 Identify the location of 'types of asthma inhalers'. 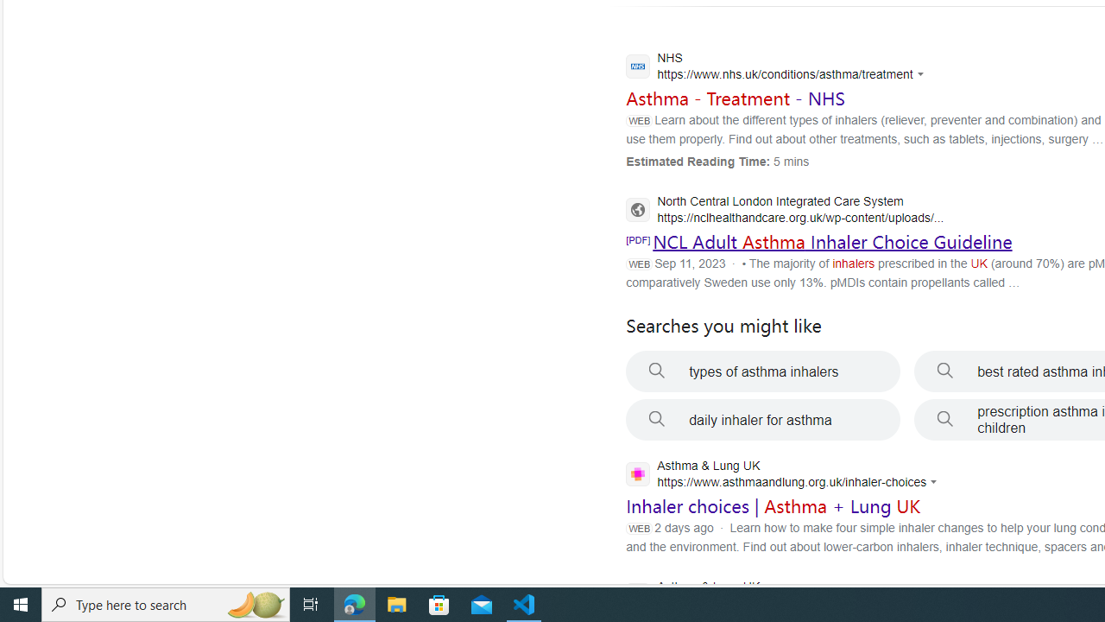
(762, 371).